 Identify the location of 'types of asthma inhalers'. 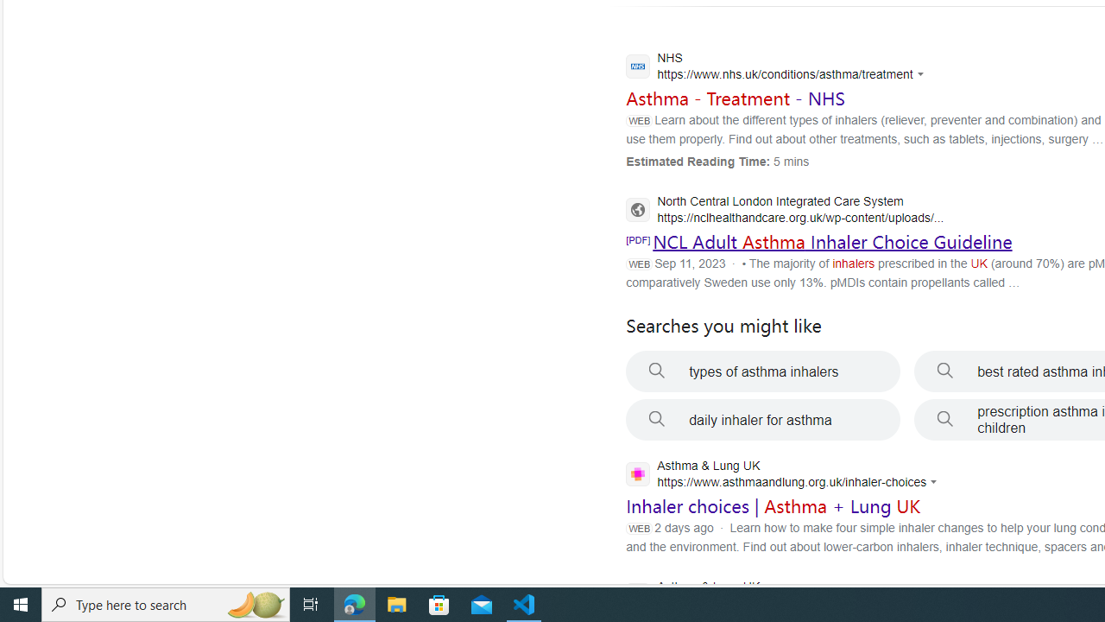
(762, 371).